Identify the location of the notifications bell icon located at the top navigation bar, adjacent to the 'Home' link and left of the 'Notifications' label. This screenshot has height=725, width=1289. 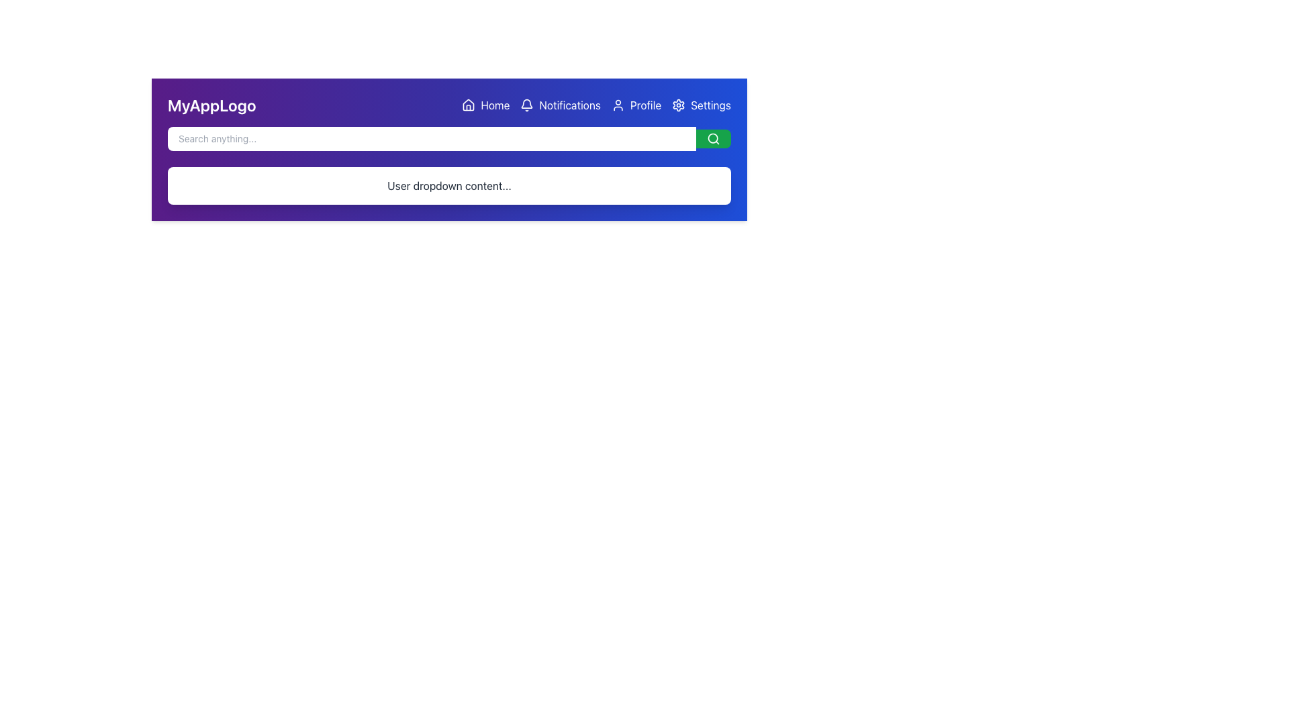
(526, 105).